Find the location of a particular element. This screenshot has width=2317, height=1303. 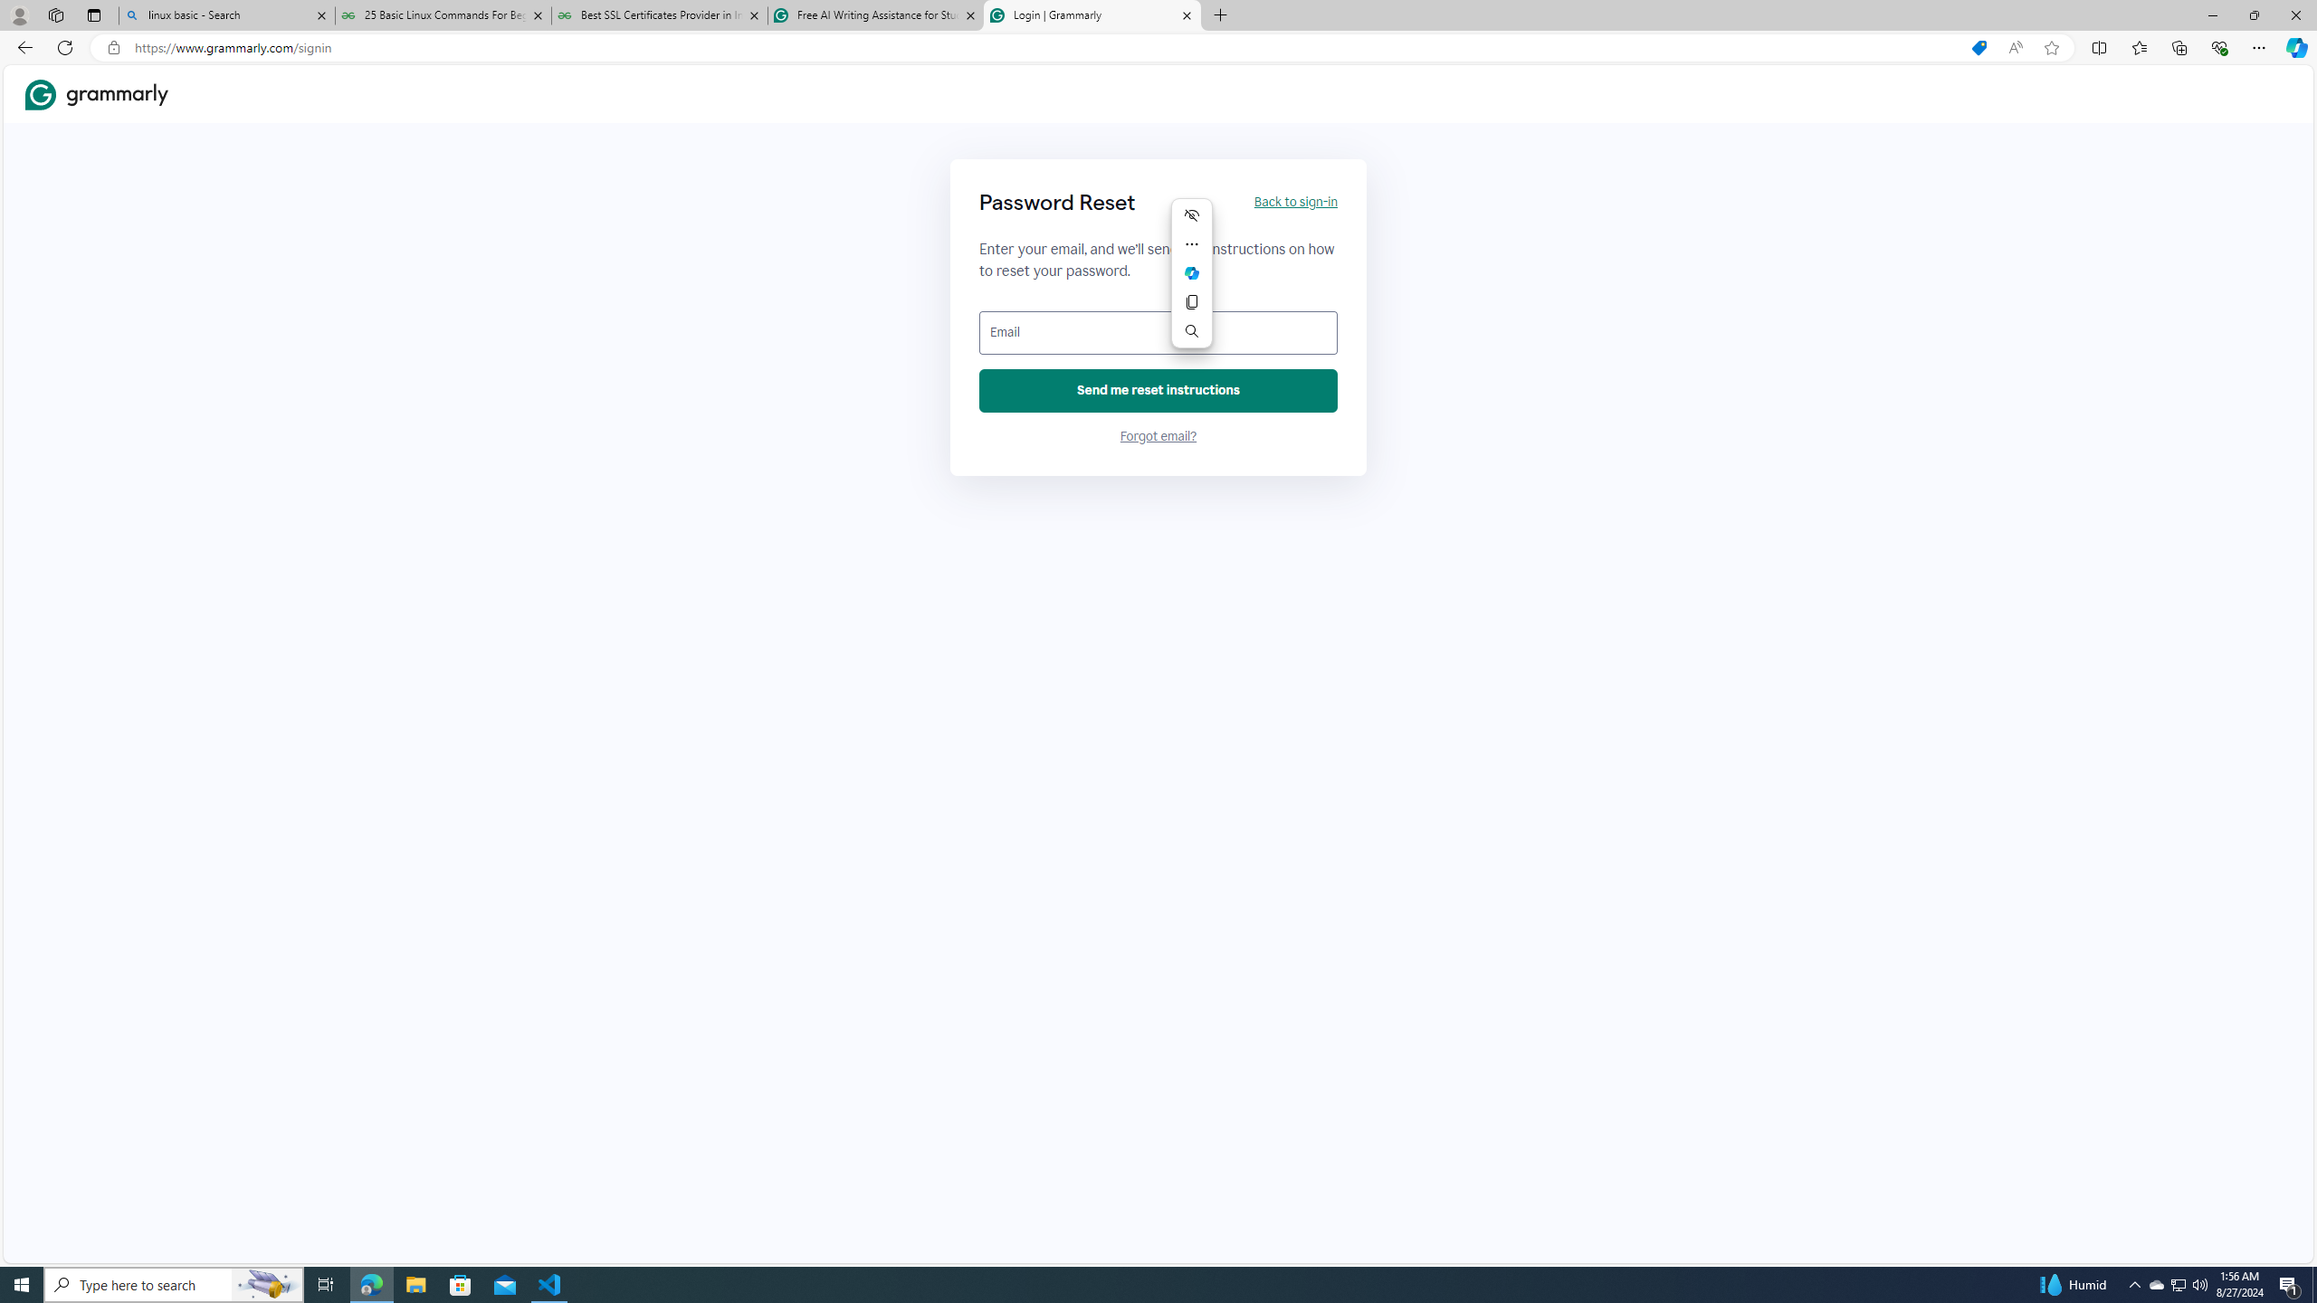

'Mini menu on text selection' is located at coordinates (1191, 273).